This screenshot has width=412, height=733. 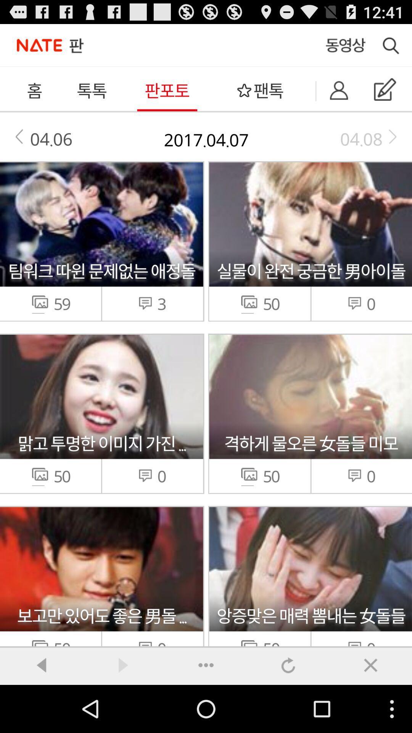 What do you see at coordinates (206, 664) in the screenshot?
I see `back forward reload option` at bounding box center [206, 664].